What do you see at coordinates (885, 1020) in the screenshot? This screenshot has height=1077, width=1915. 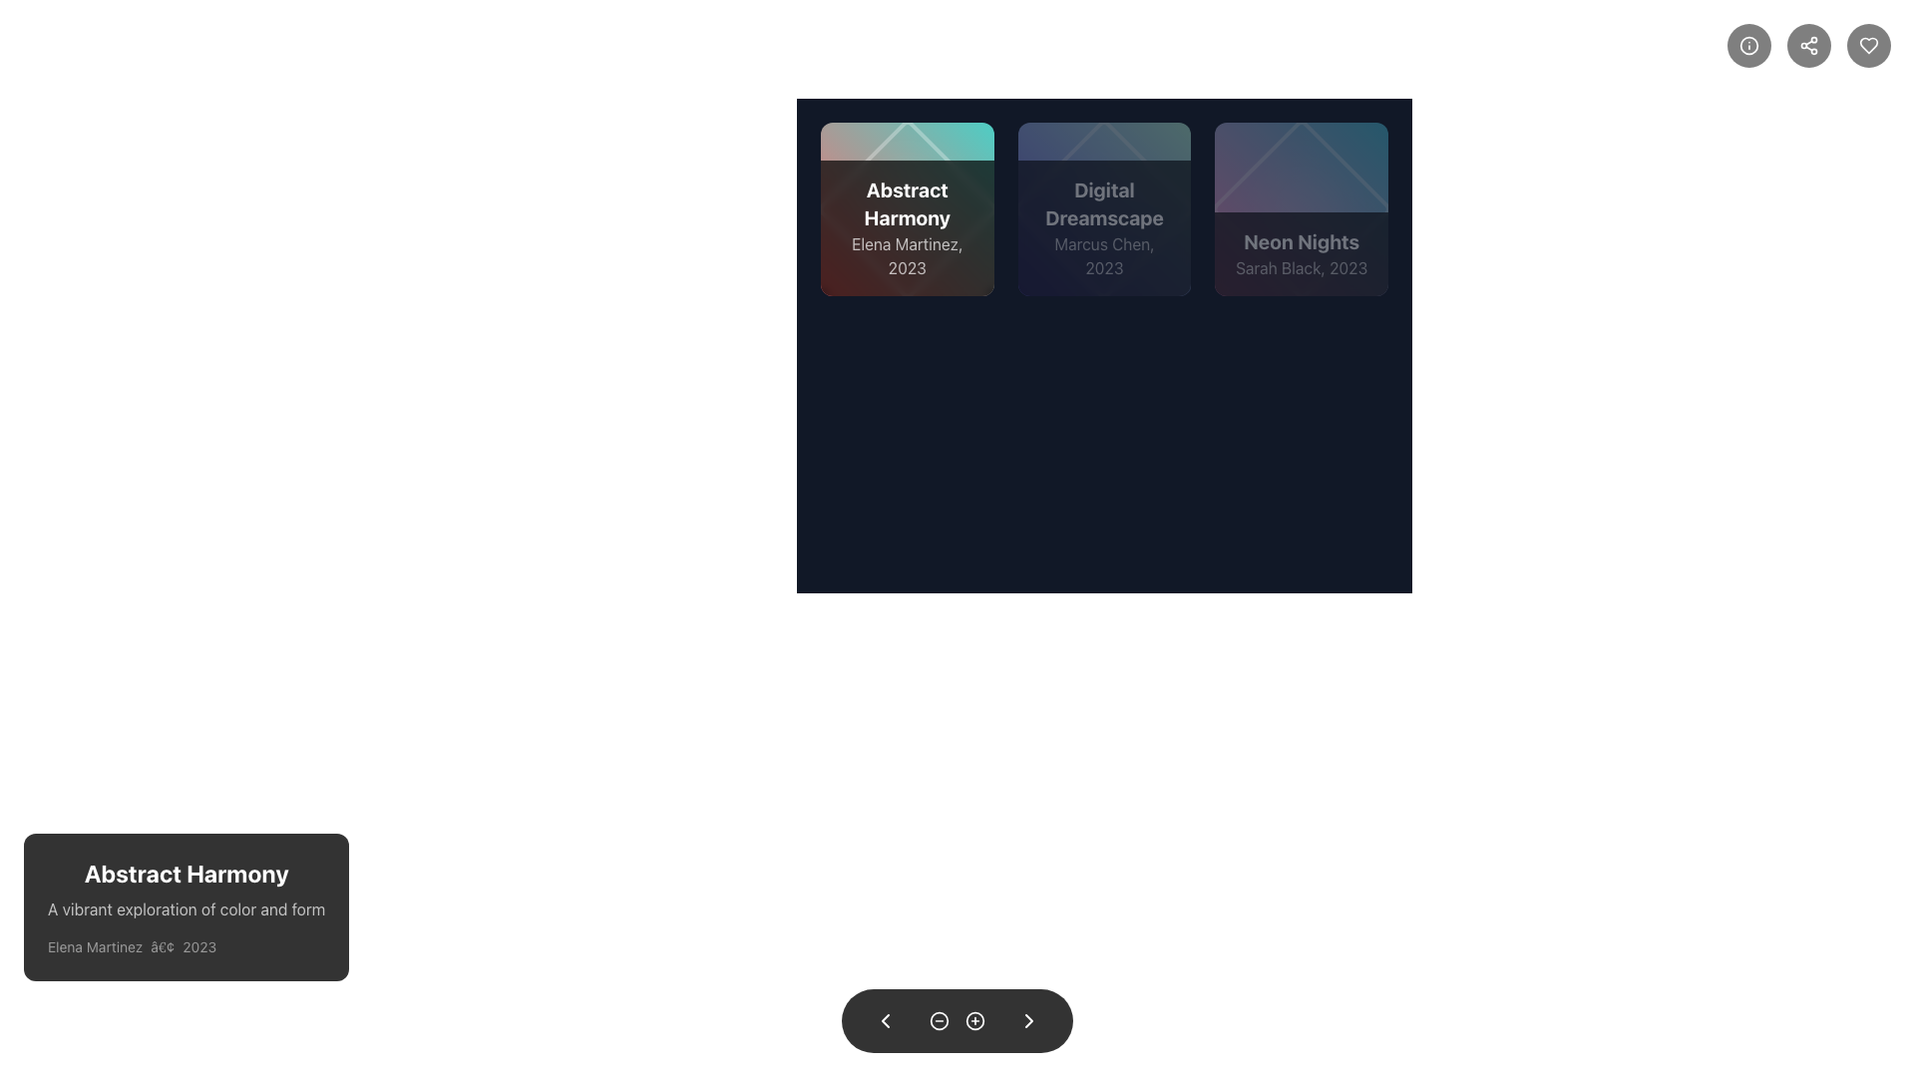 I see `the circular button with a dark background and a white chevron arrow pointing to the left, located at the bottom center of the interface` at bounding box center [885, 1020].